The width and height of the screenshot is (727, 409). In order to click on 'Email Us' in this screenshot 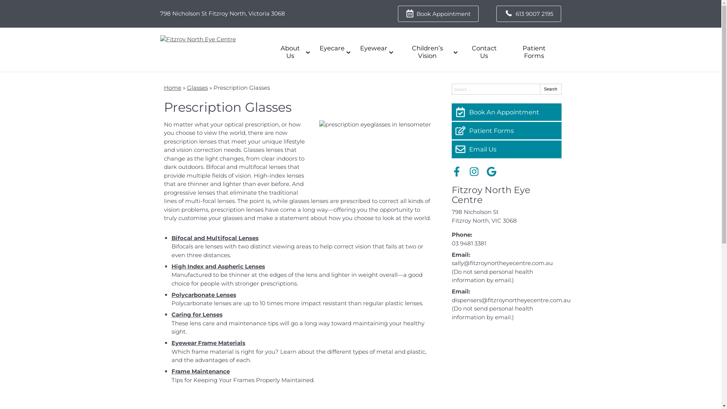, I will do `click(506, 149)`.